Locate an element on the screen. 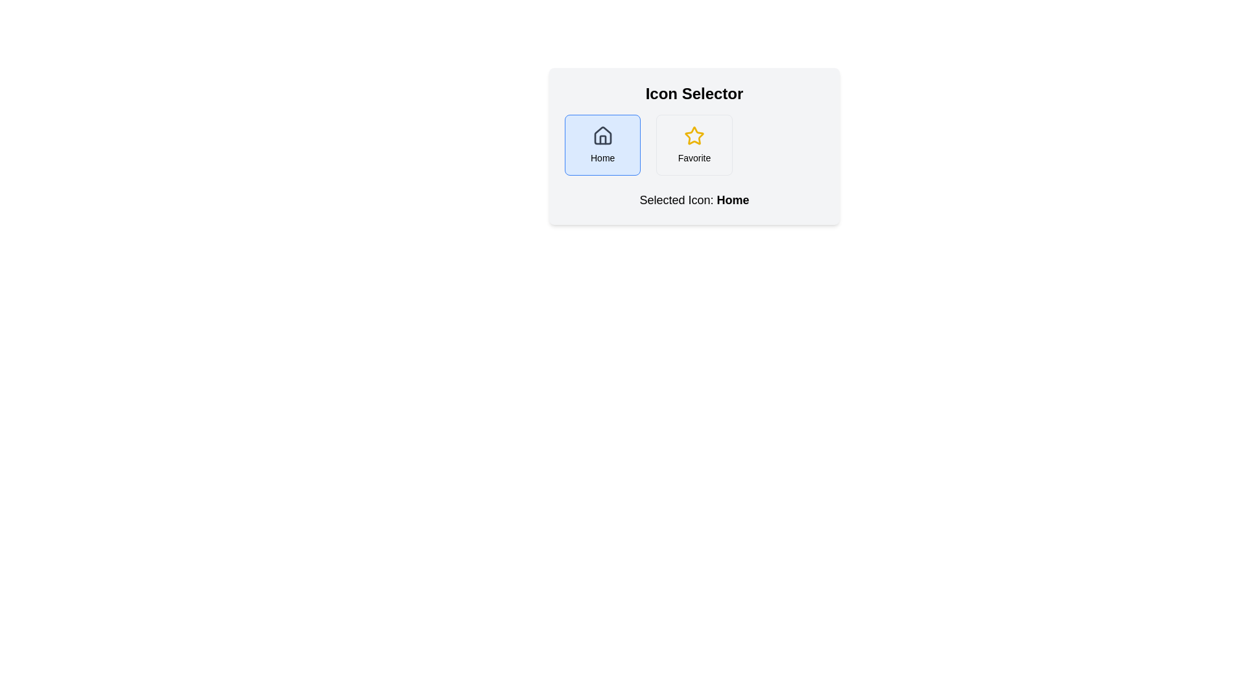 Image resolution: width=1245 pixels, height=700 pixels. static text label indicating the currently selected icon, which is 'Home', located below the icon tiles in the 'Icon Selector' card is located at coordinates (693, 200).